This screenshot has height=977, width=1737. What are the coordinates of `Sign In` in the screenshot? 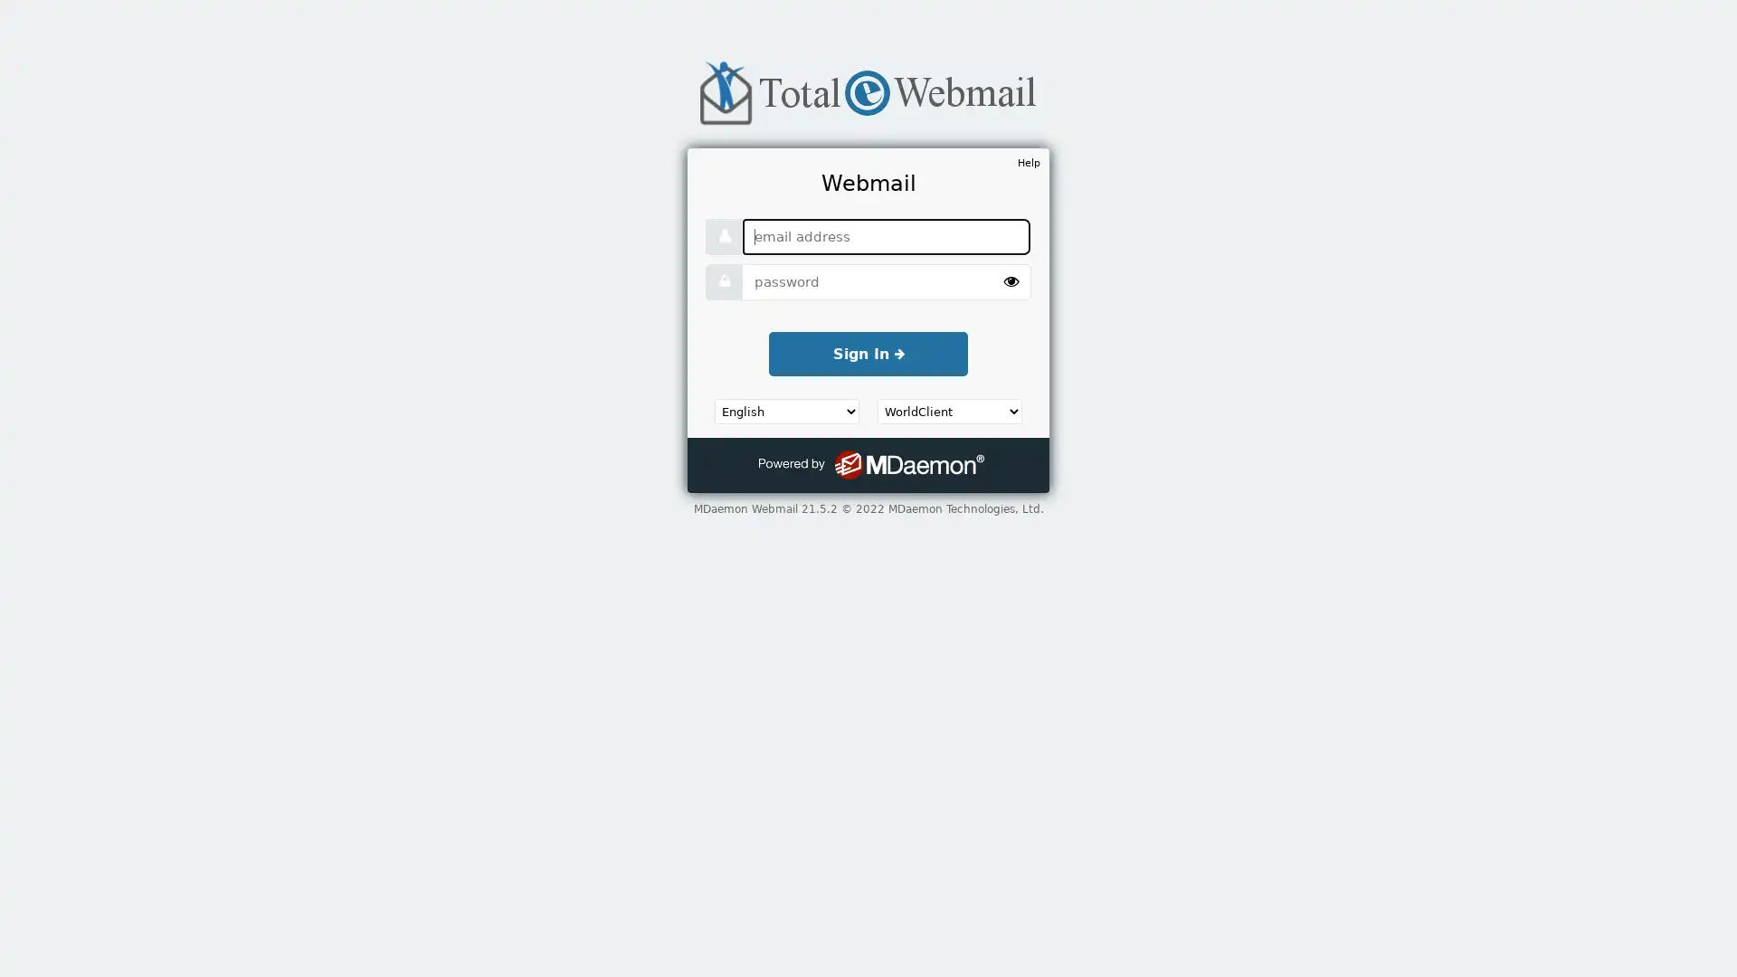 It's located at (868, 353).